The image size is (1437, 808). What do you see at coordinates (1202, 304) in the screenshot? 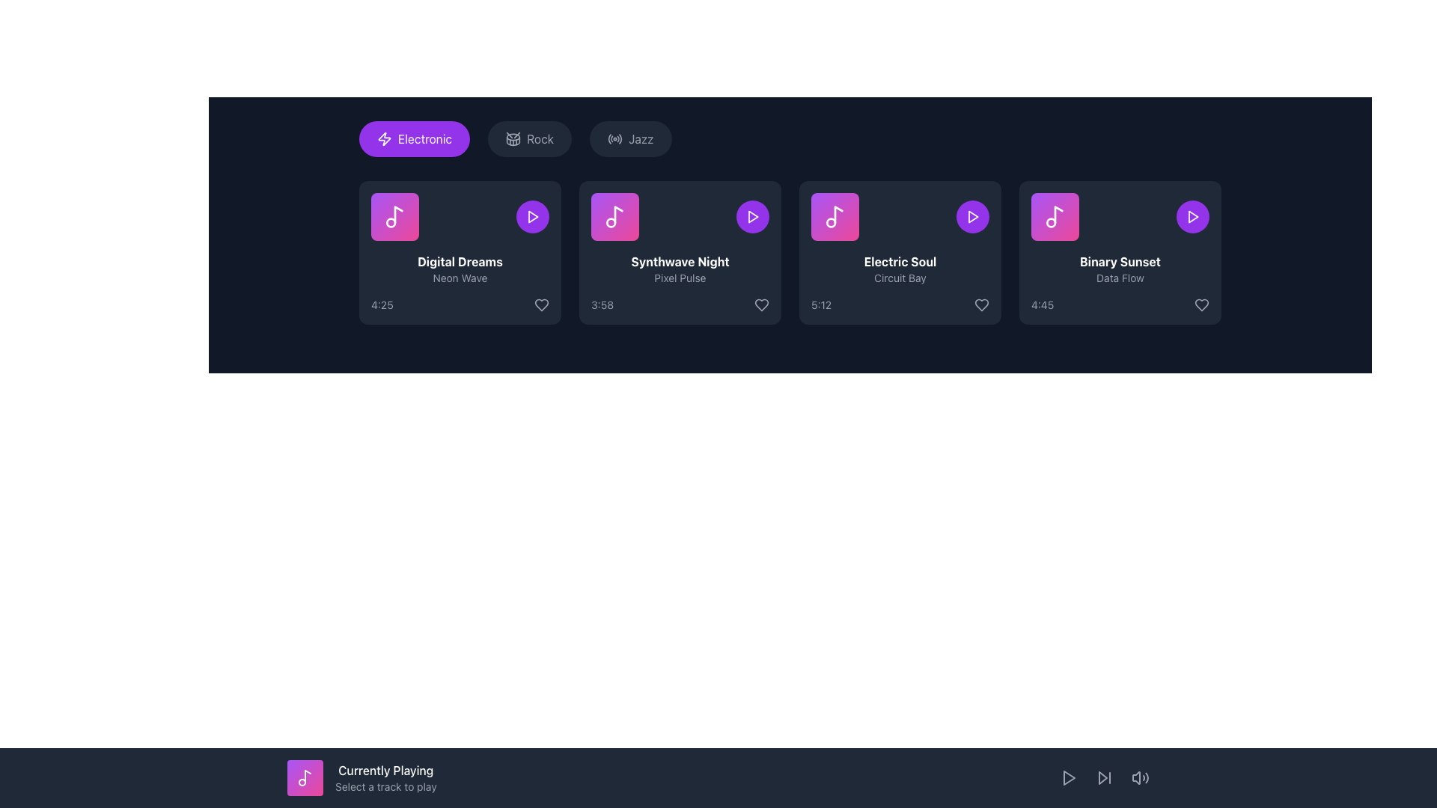
I see `the 'favorite' icon located at the bottom-right corner of the 'Binary Sunset - Data Flow' card to mark the item as a favorite` at bounding box center [1202, 304].